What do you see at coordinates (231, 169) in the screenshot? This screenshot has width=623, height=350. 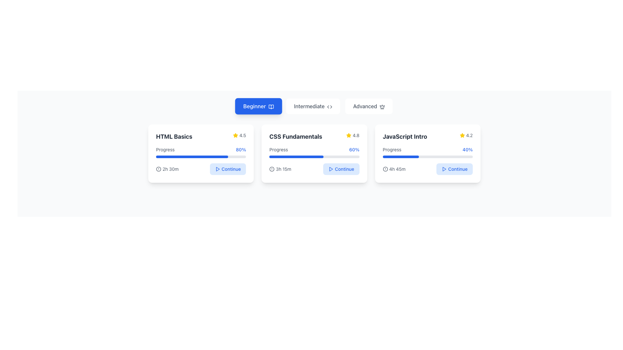 I see `text label within the blue button at the bottom-right area of the 'HTML Basics' card, which indicates an action to continue or proceed` at bounding box center [231, 169].